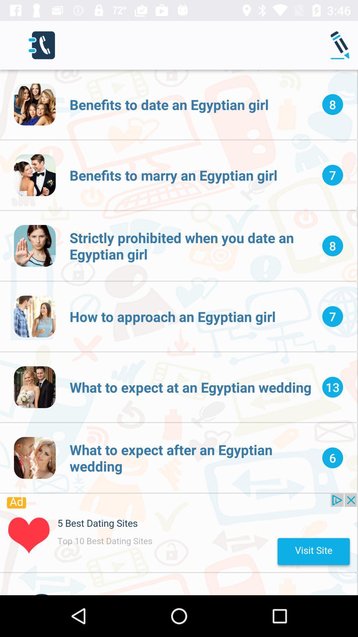 Image resolution: width=358 pixels, height=637 pixels. I want to click on the first image of the page, so click(34, 104).